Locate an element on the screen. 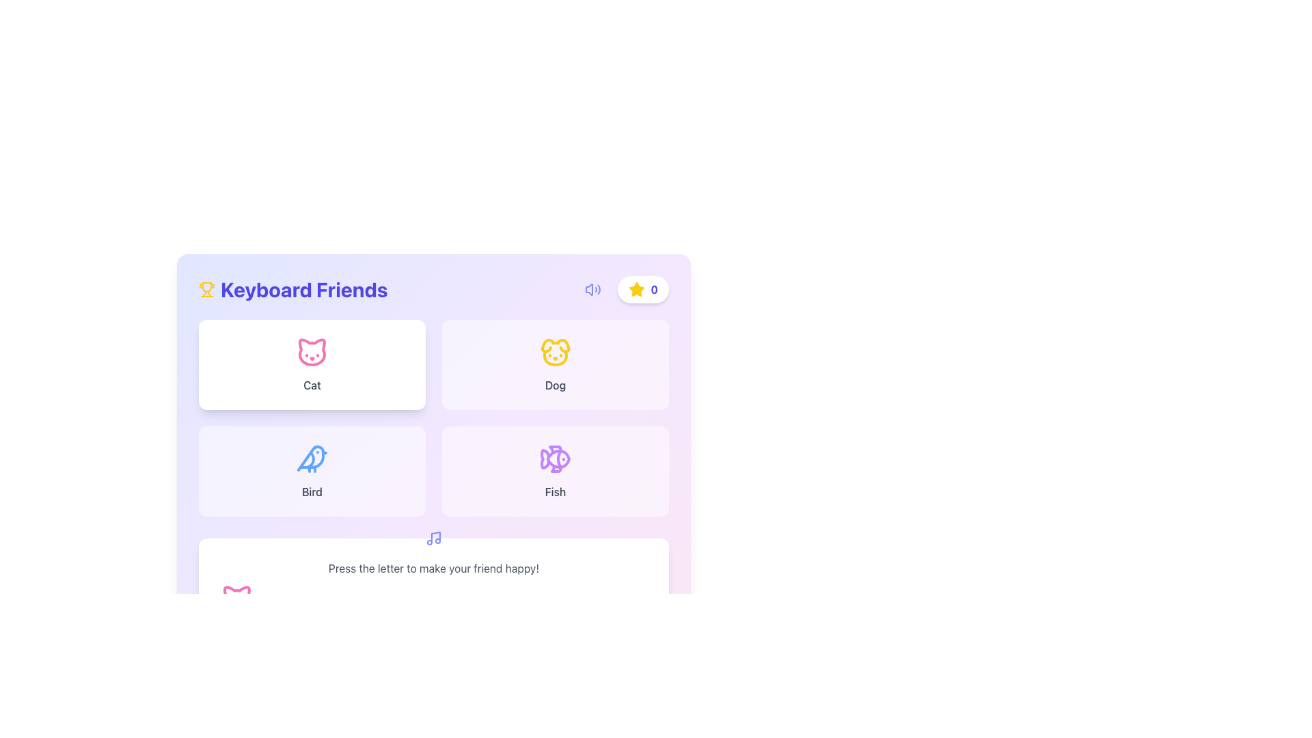 This screenshot has height=738, width=1312. the text label containing the word 'Dog', which is styled with a medium-weight font and gray color, positioned below a yellow dog icon in the third card of the first row is located at coordinates (555, 385).